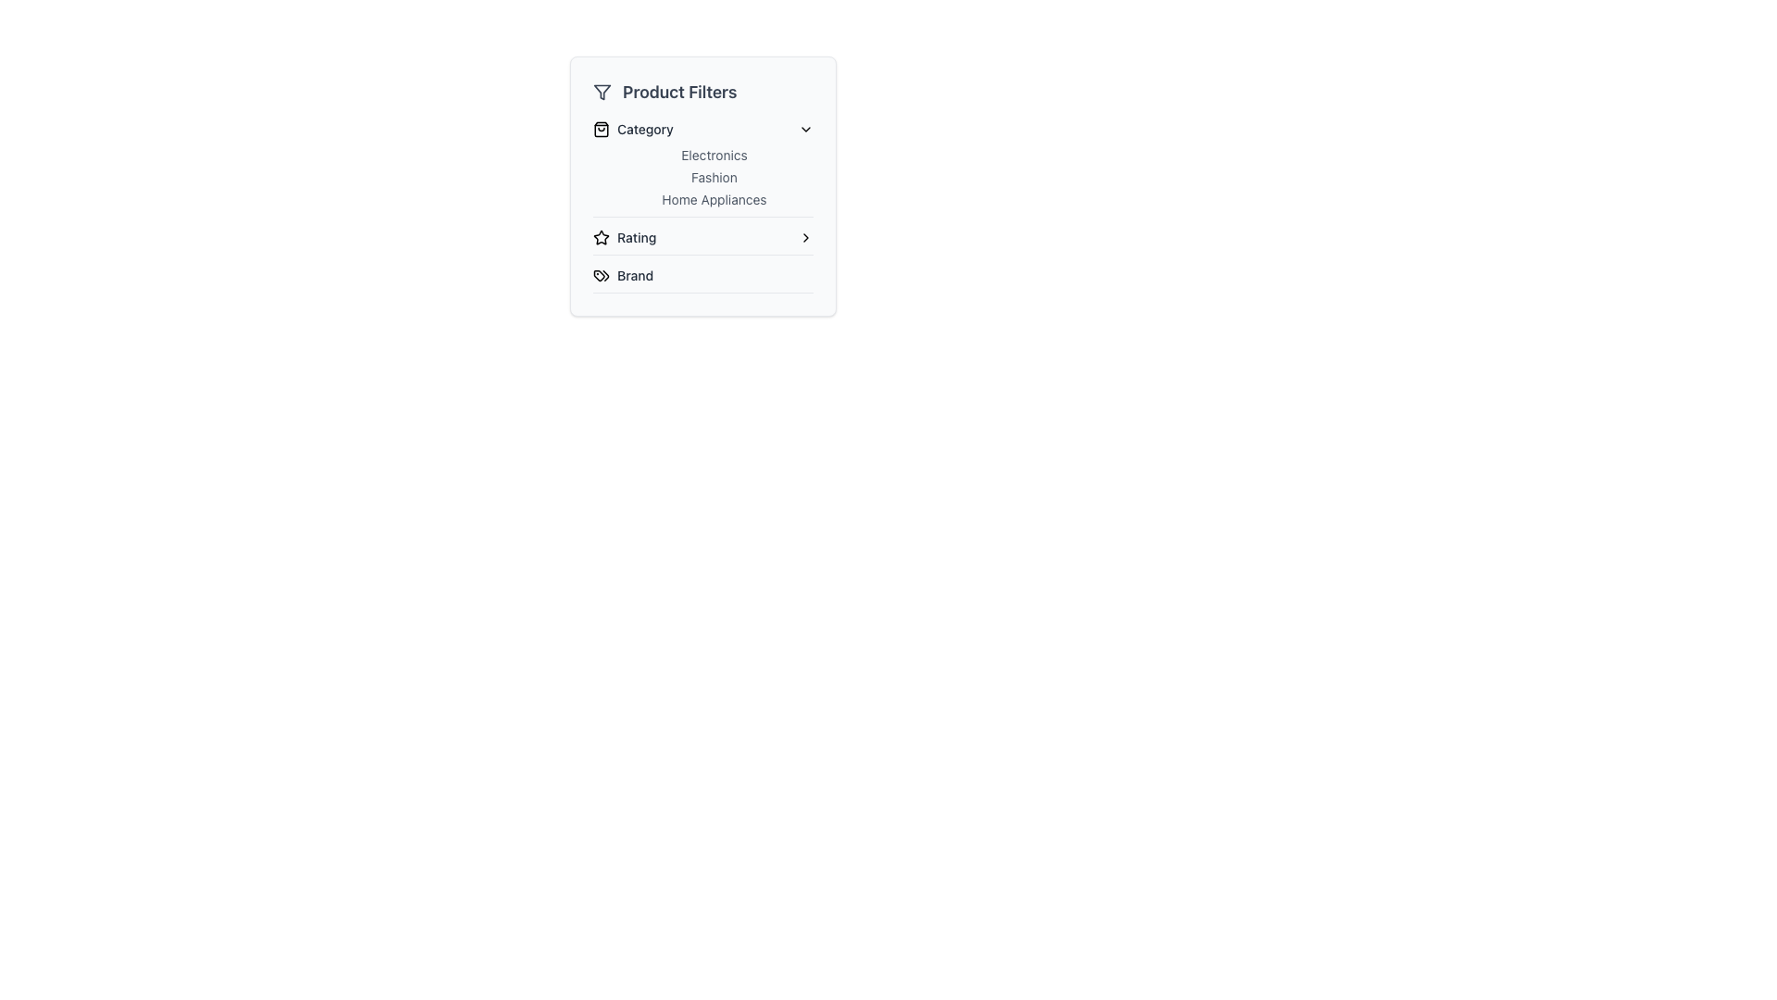 The height and width of the screenshot is (1000, 1777). I want to click on the category in the filter selection menu located within the 'Product Filters' panel, so click(702, 206).